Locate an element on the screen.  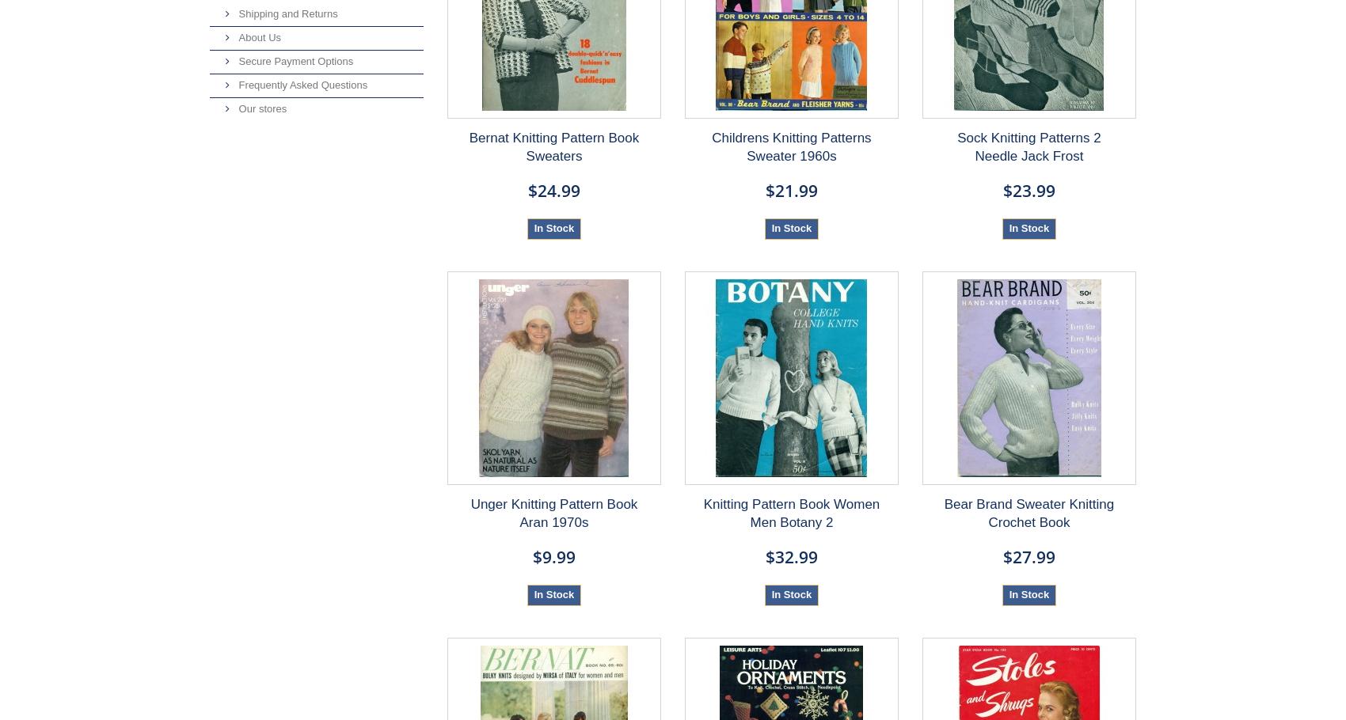
'Bernat Knitting Pattern Book Sweaters' is located at coordinates (553, 146).